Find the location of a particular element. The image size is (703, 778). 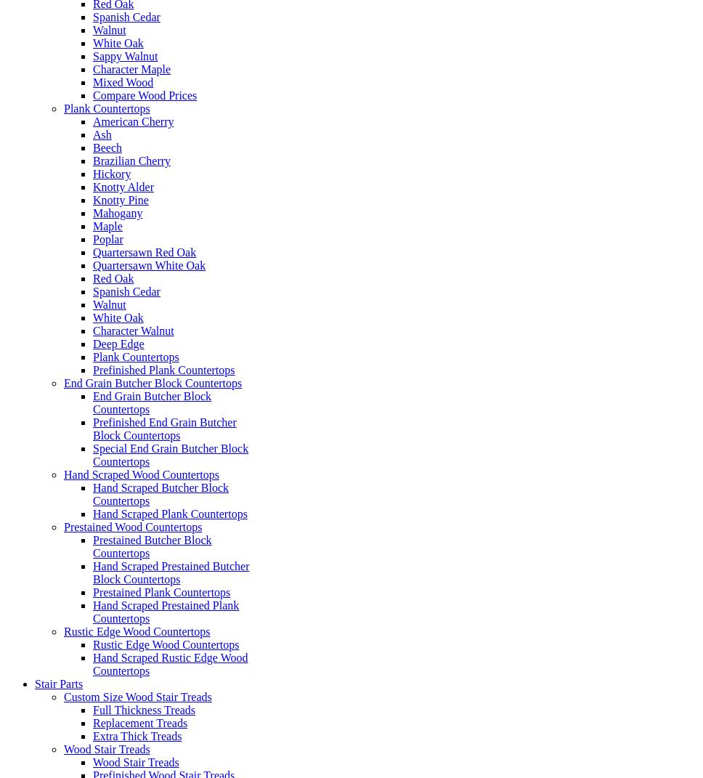

'Brazilian Cherry' is located at coordinates (131, 160).